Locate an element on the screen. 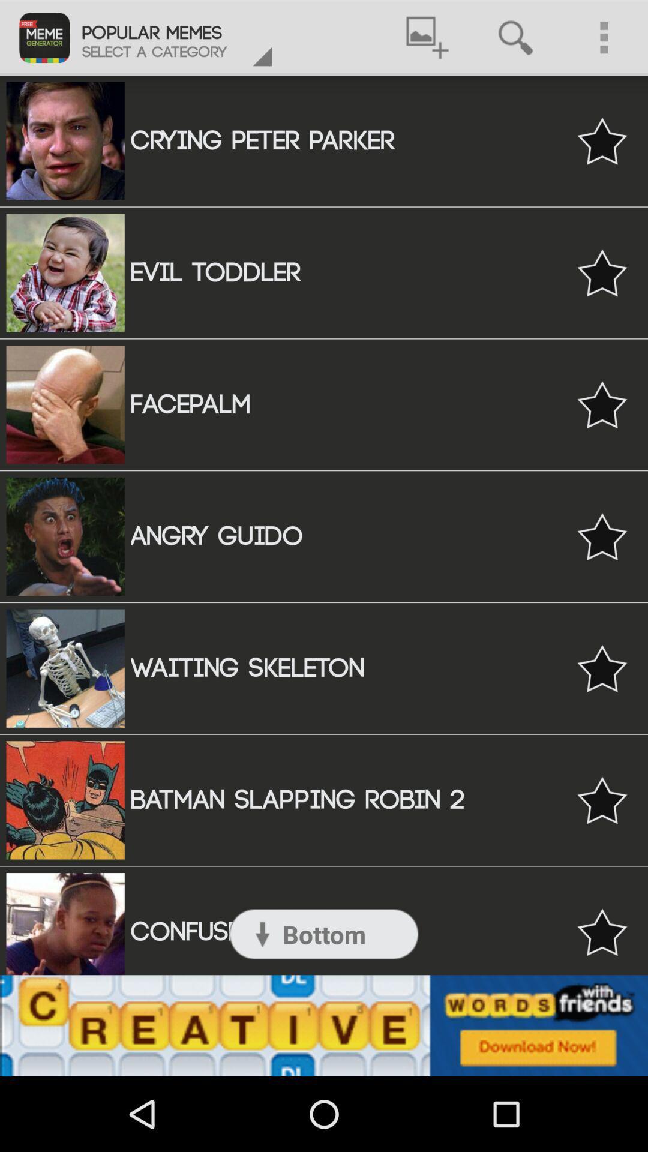 This screenshot has height=1152, width=648. set like option is located at coordinates (602, 931).